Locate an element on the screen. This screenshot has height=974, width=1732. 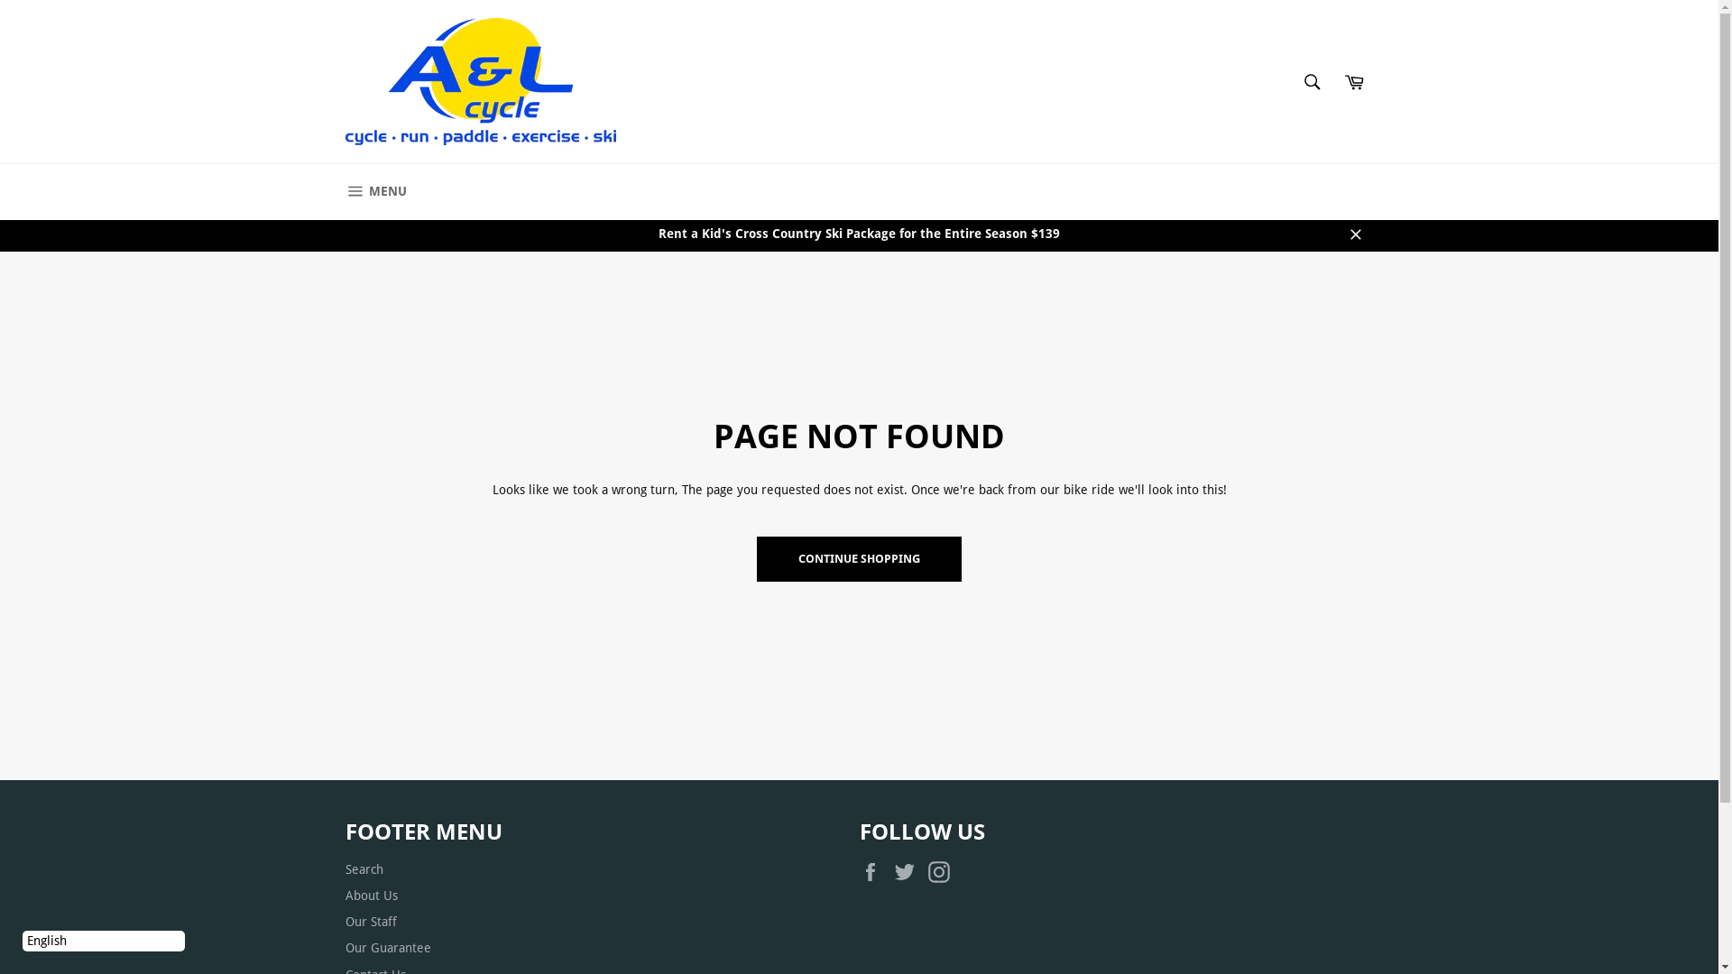
'MENU is located at coordinates (374, 191).